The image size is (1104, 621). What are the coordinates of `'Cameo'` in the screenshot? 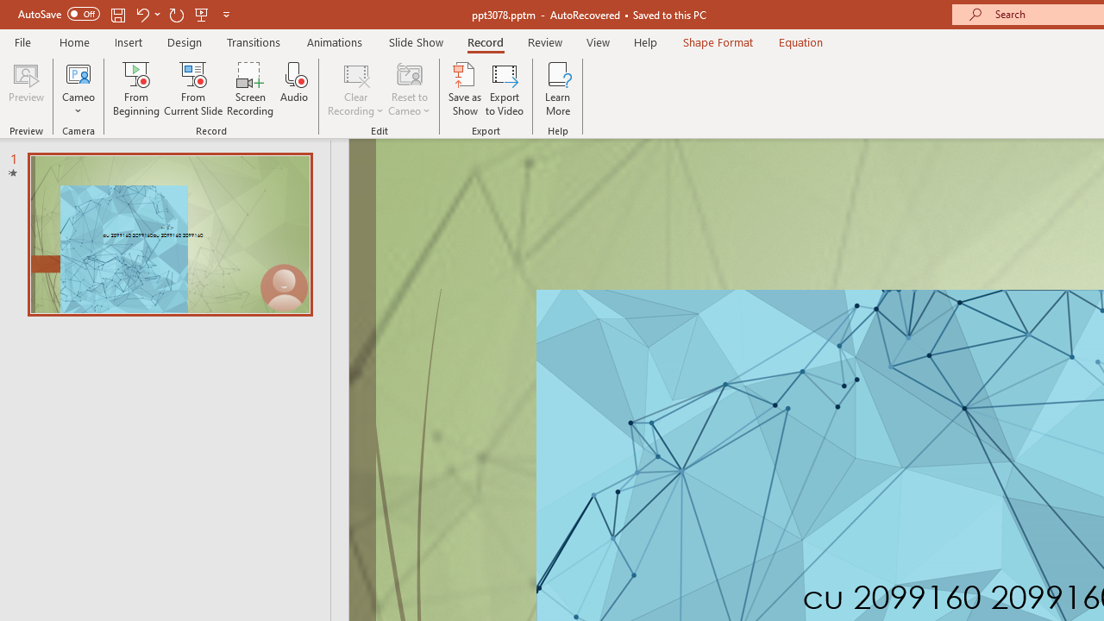 It's located at (78, 72).